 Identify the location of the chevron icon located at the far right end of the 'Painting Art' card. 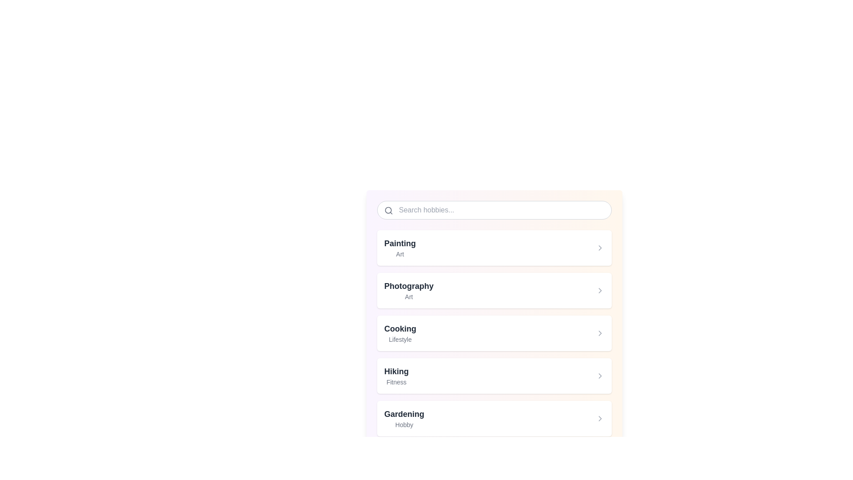
(600, 248).